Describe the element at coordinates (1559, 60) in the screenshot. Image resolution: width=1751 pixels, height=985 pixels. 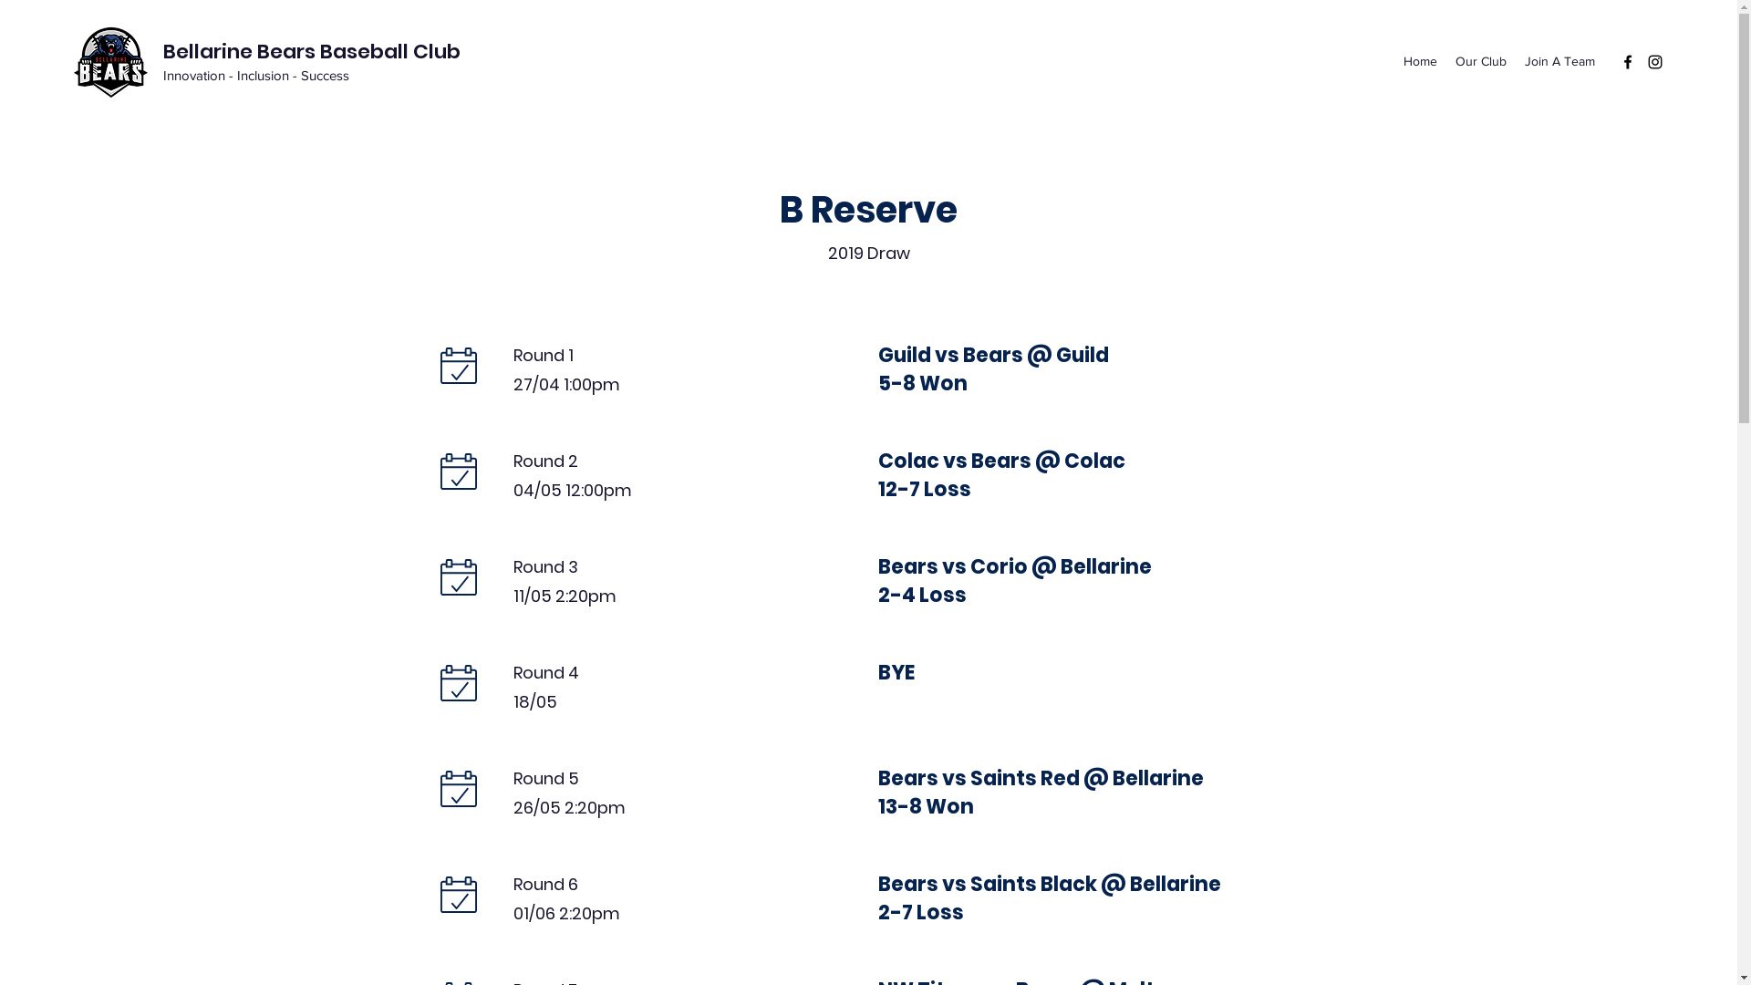
I see `'Join A Team'` at that location.